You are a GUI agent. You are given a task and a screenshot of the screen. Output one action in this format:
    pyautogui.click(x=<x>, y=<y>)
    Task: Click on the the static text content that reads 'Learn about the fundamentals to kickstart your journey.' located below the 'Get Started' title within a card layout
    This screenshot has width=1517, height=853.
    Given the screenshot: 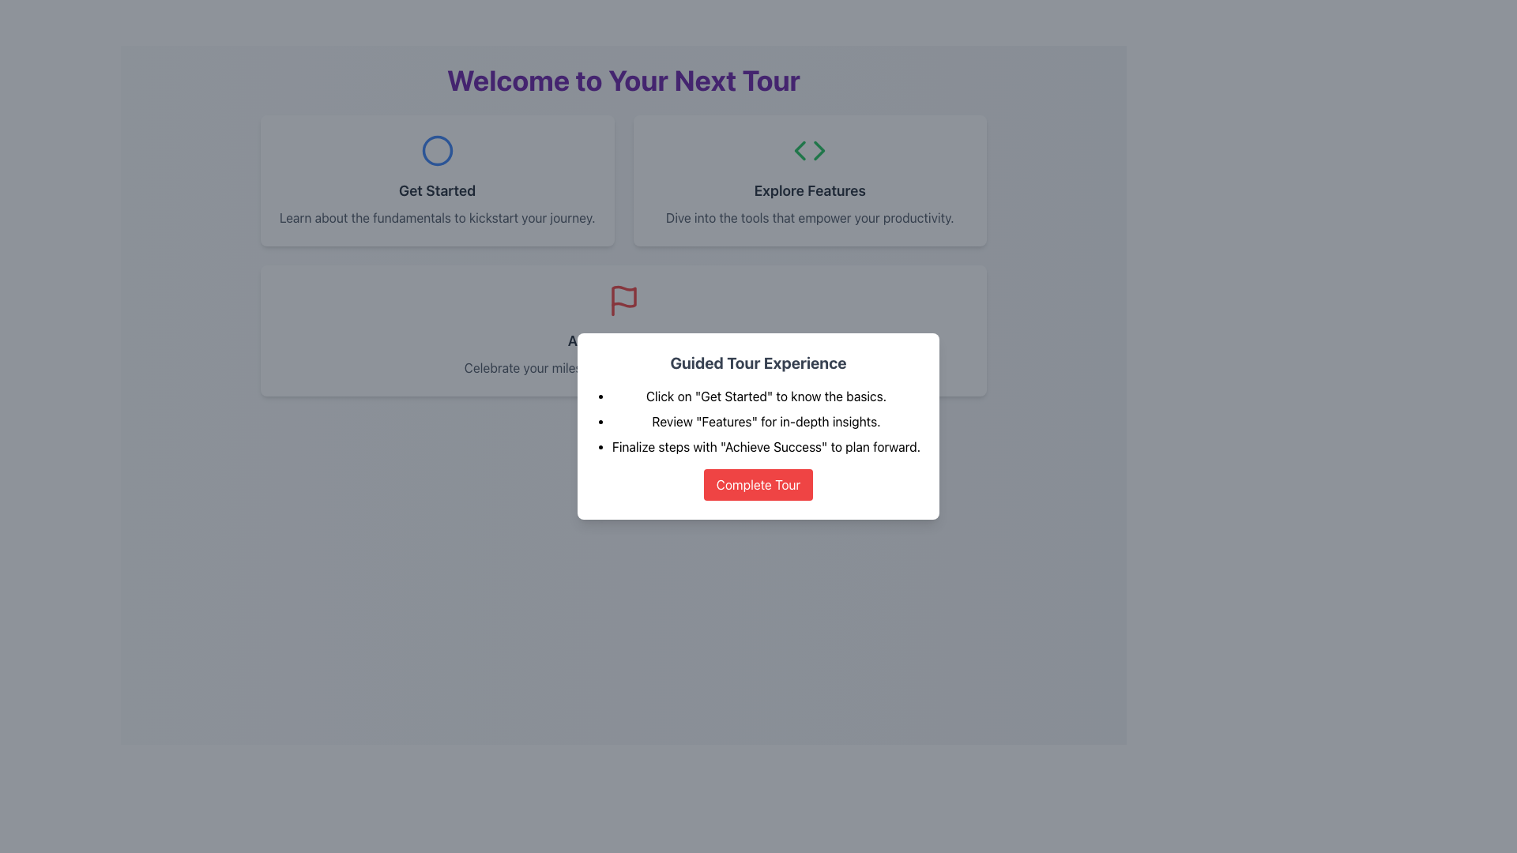 What is the action you would take?
    pyautogui.click(x=437, y=218)
    